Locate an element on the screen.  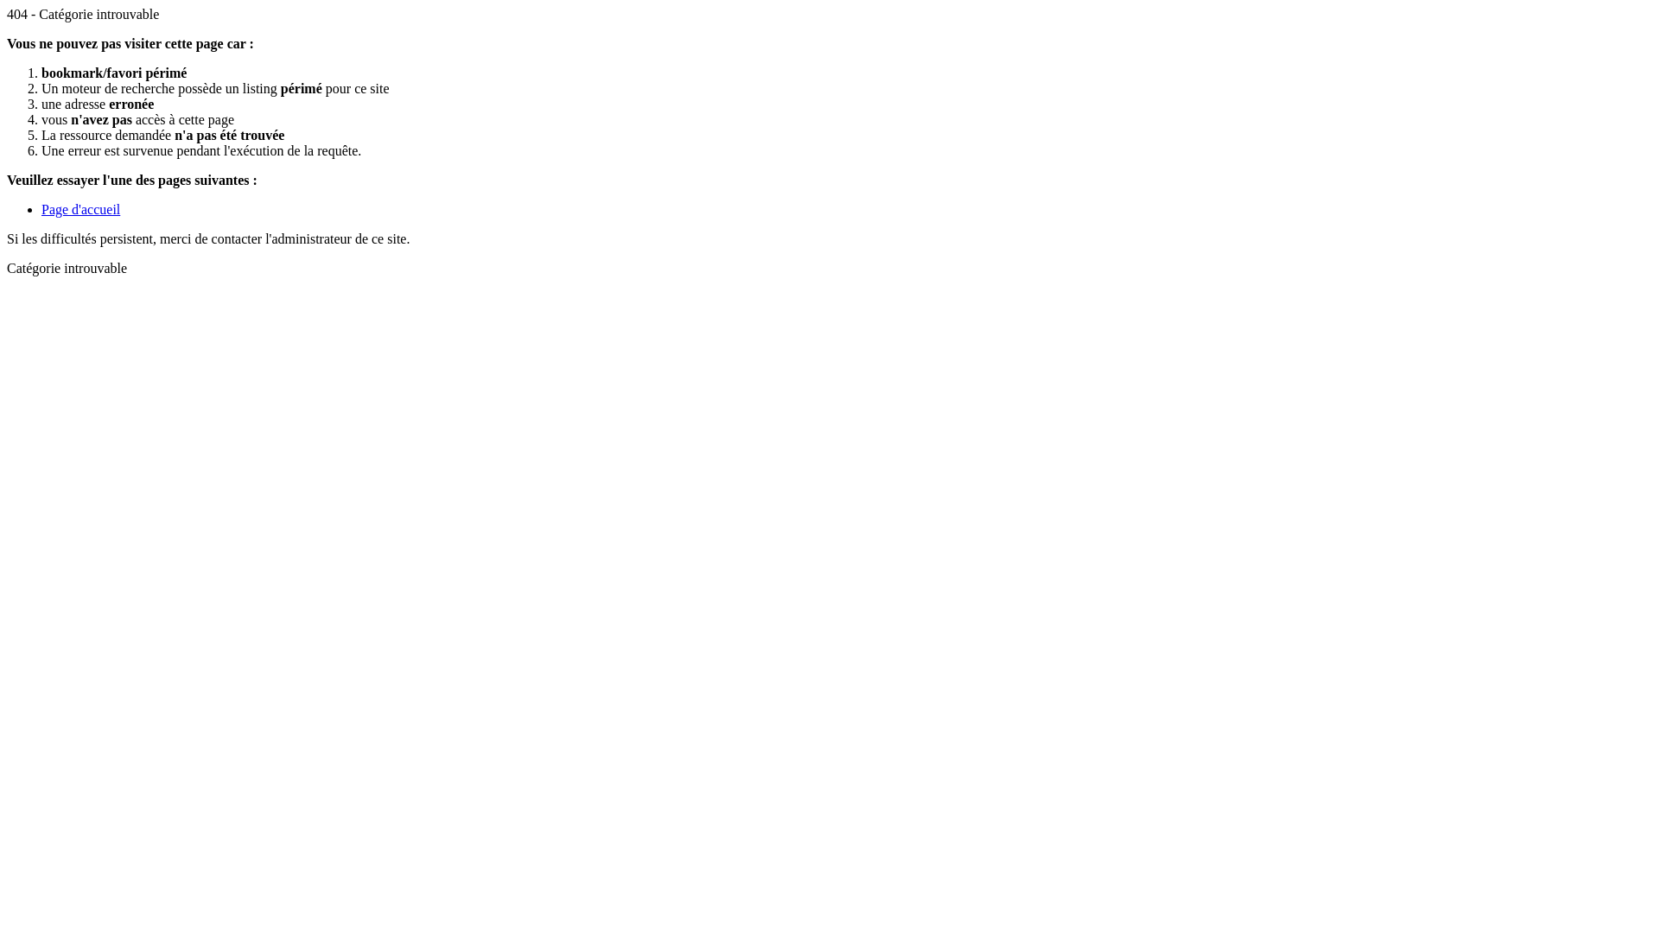
'Page d'accueil' is located at coordinates (79, 208).